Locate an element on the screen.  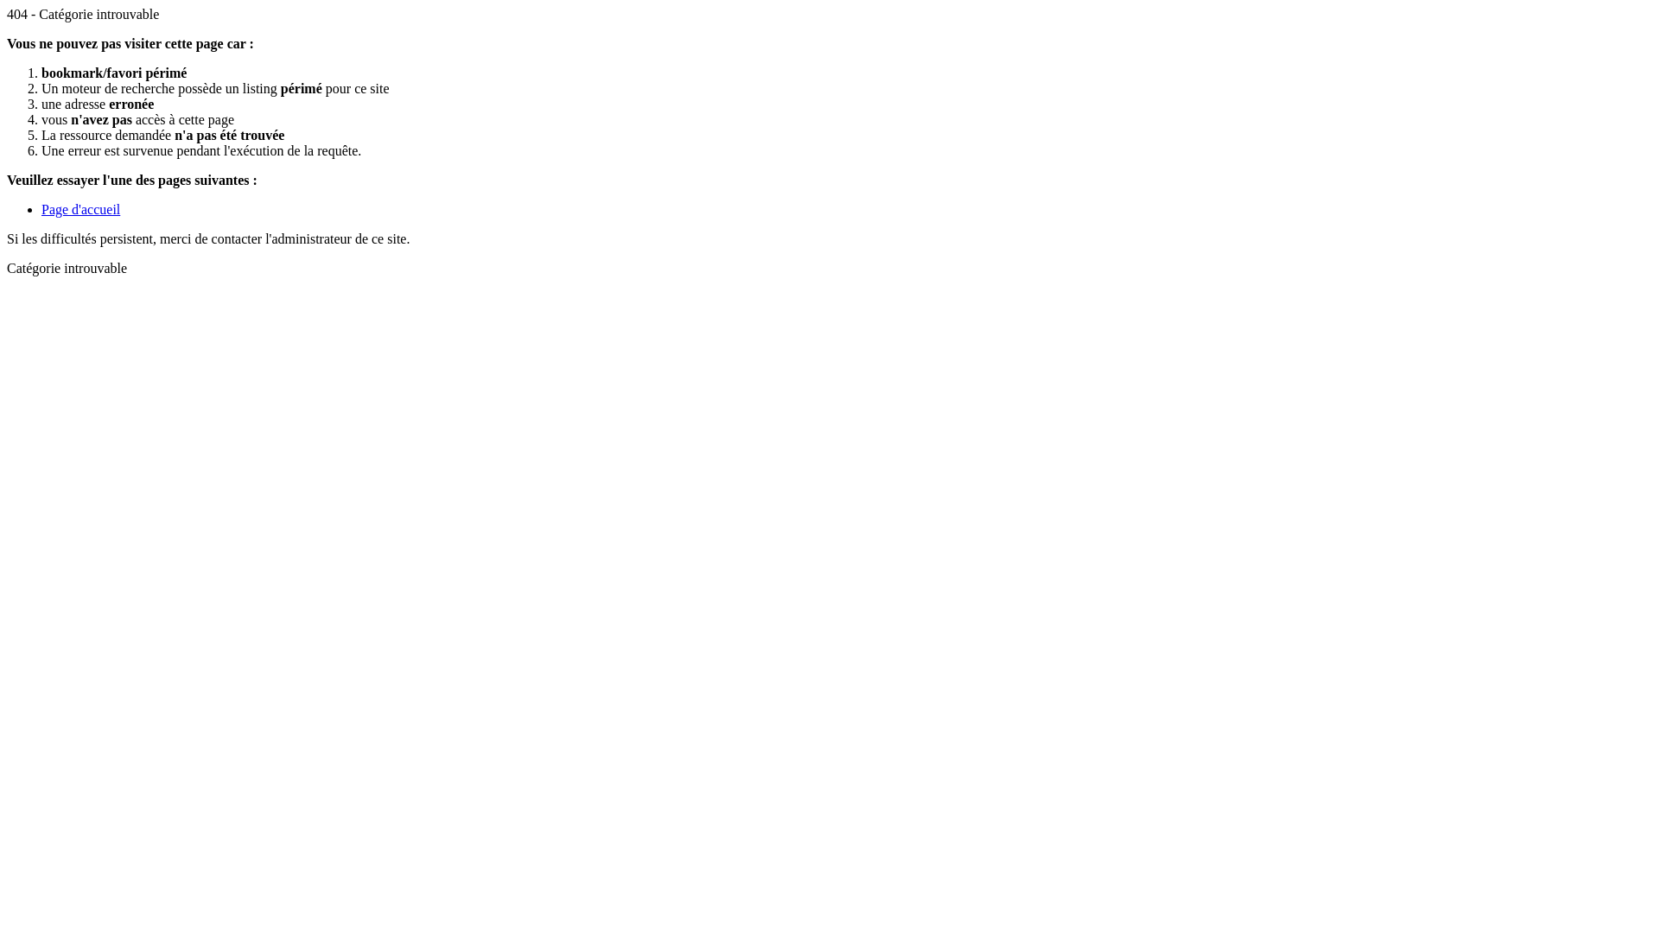
'Page d'accueil' is located at coordinates (79, 208).